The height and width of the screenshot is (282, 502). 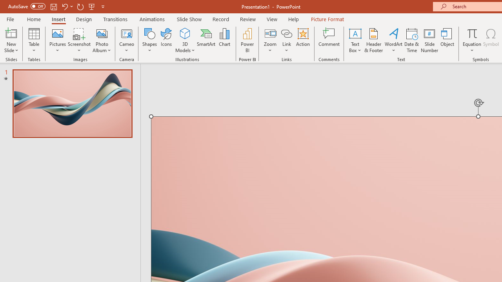 I want to click on 'Draw Horizontal Text Box', so click(x=355, y=33).